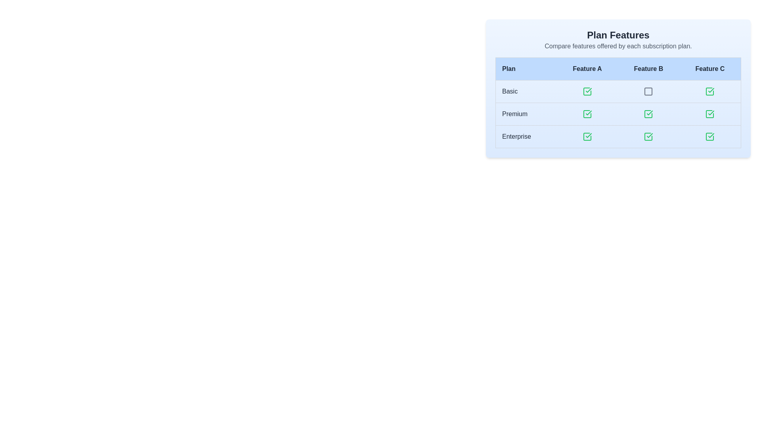 The height and width of the screenshot is (428, 761). I want to click on text label element displaying 'Premium', which is located in the second row's first column of the table-like structure, positioned beneath the 'Basic' label and above the 'Enterprise' label, so click(526, 114).